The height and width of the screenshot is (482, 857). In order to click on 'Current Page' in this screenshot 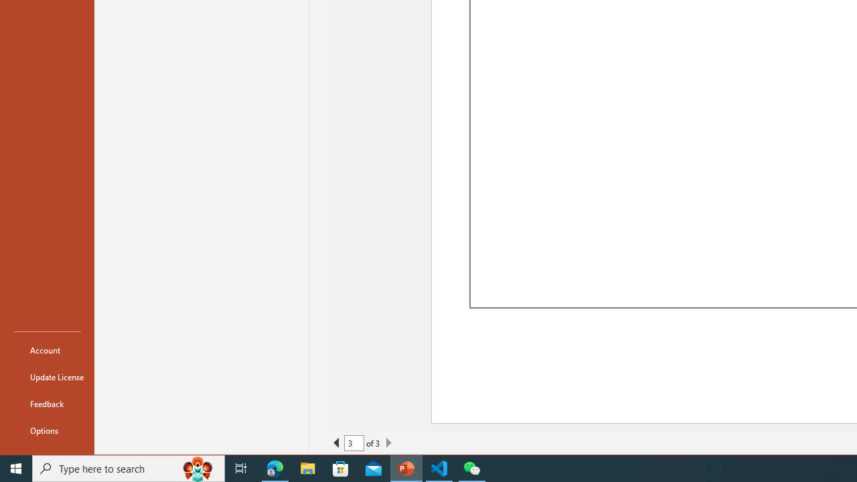, I will do `click(354, 443)`.